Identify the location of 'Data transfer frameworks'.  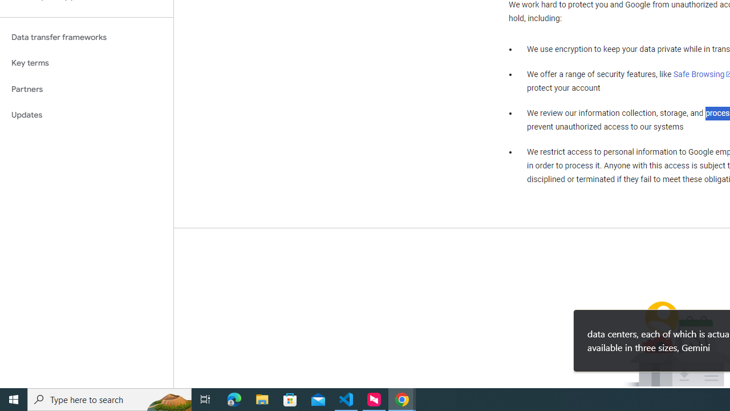
(86, 37).